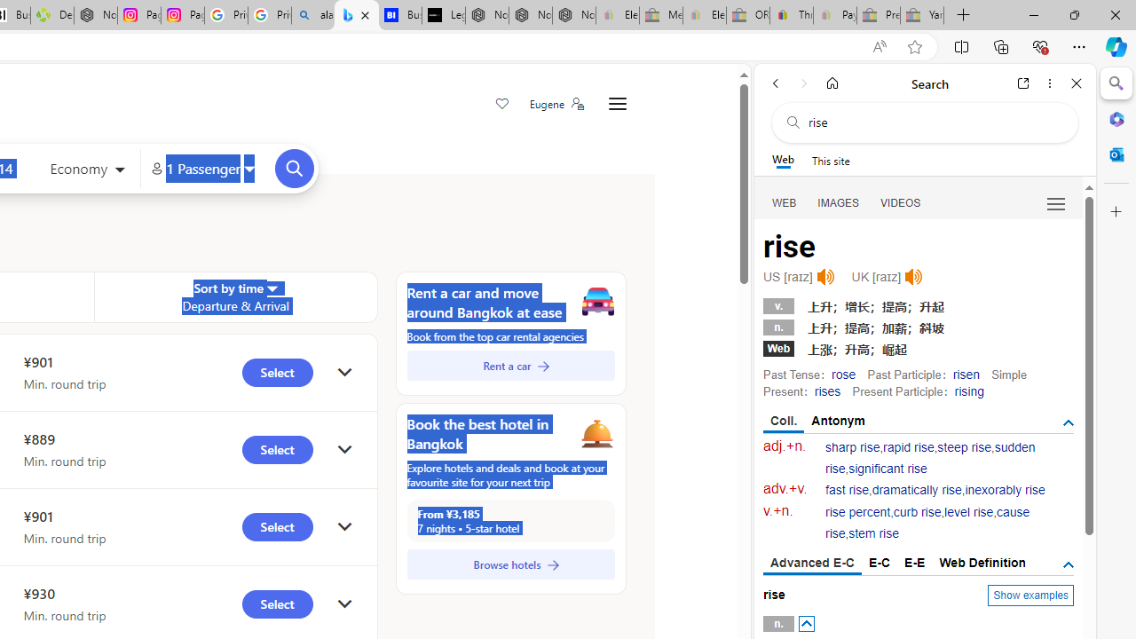 This screenshot has width=1136, height=639. I want to click on 'Antonym', so click(838, 421).